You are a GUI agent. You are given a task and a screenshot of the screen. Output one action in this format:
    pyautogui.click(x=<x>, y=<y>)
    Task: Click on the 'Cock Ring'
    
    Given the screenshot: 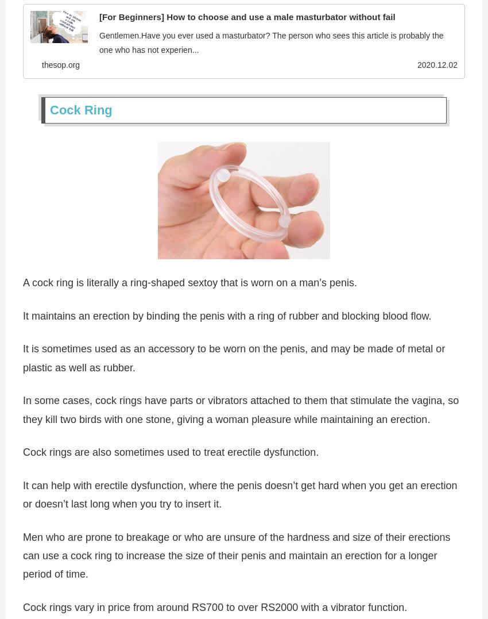 What is the action you would take?
    pyautogui.click(x=81, y=111)
    